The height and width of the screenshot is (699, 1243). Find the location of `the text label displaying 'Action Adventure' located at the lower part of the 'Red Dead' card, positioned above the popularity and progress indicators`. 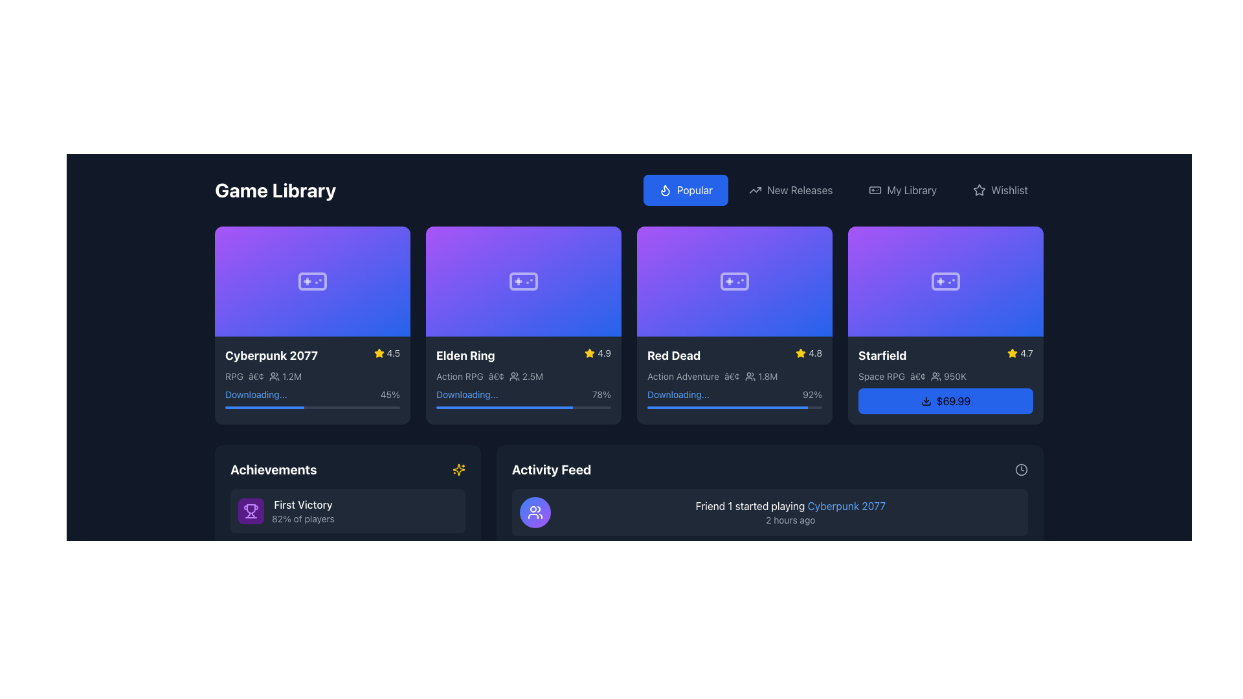

the text label displaying 'Action Adventure' located at the lower part of the 'Red Dead' card, positioned above the popularity and progress indicators is located at coordinates (682, 376).